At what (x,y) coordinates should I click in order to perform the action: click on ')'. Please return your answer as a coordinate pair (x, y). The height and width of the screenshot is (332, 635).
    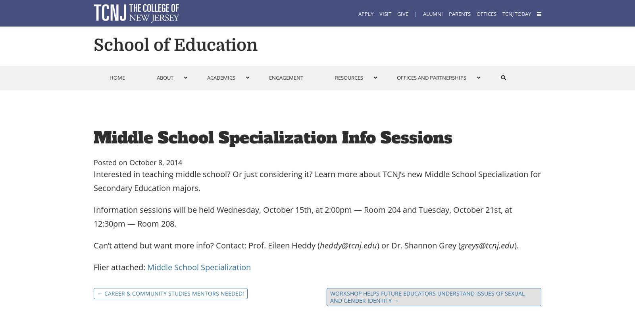
    Looking at the image, I should click on (377, 245).